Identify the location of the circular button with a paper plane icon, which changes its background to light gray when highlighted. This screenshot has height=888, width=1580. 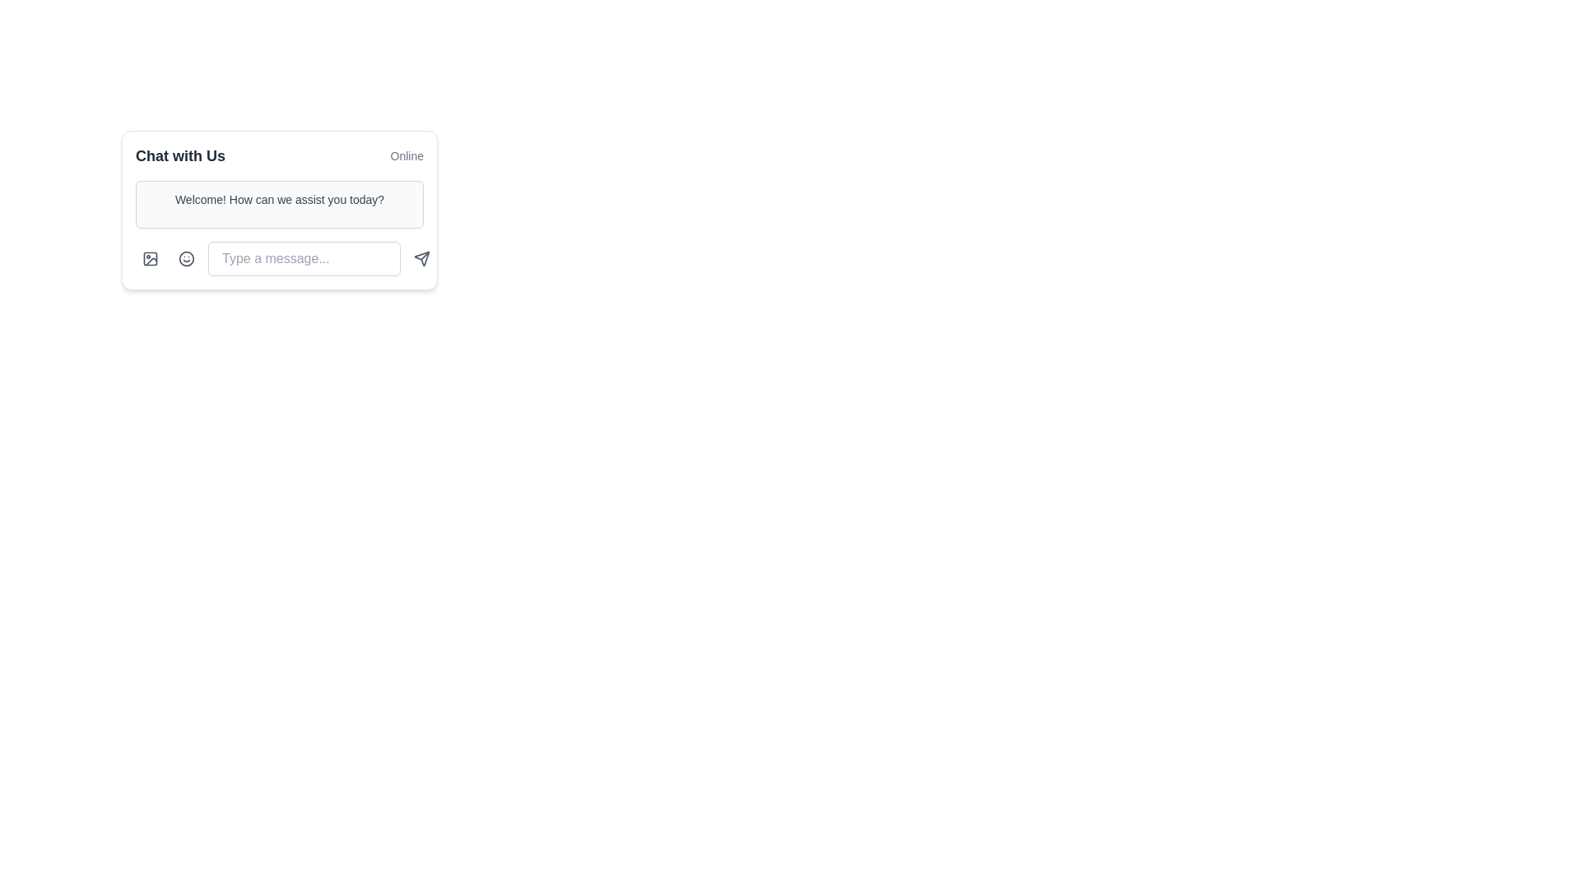
(422, 259).